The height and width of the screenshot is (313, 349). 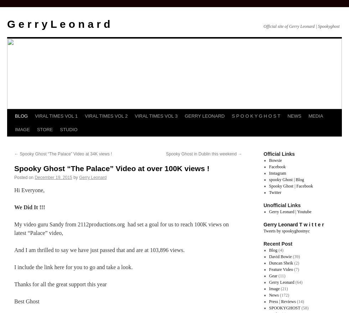 What do you see at coordinates (294, 282) in the screenshot?
I see `'(64)'` at bounding box center [294, 282].